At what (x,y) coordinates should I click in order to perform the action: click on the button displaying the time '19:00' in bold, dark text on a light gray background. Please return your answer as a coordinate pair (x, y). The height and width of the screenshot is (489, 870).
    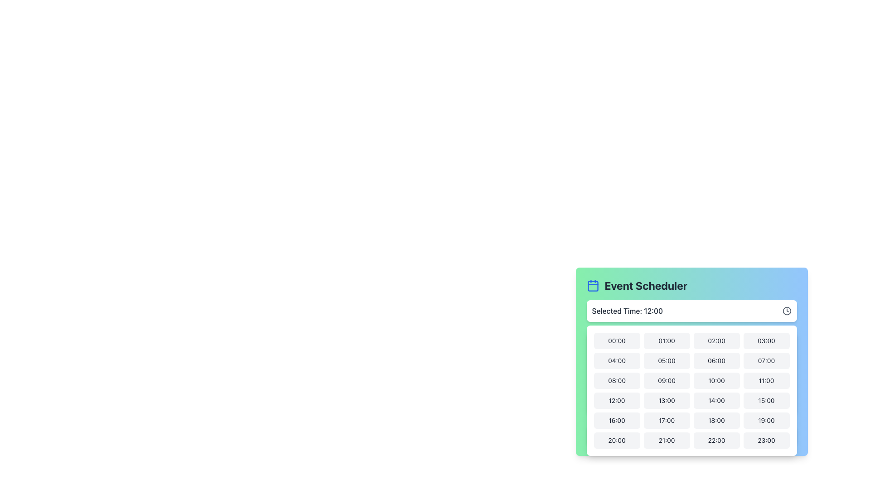
    Looking at the image, I should click on (766, 421).